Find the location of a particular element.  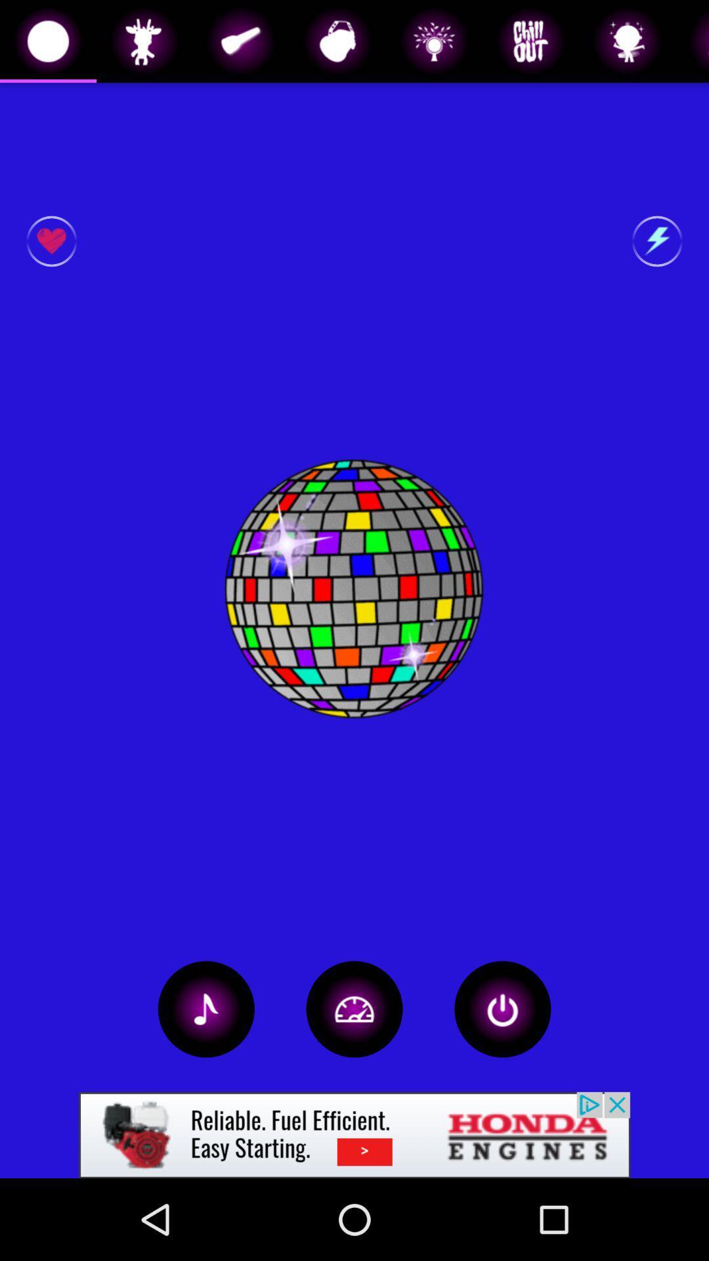

setting page is located at coordinates (354, 1008).